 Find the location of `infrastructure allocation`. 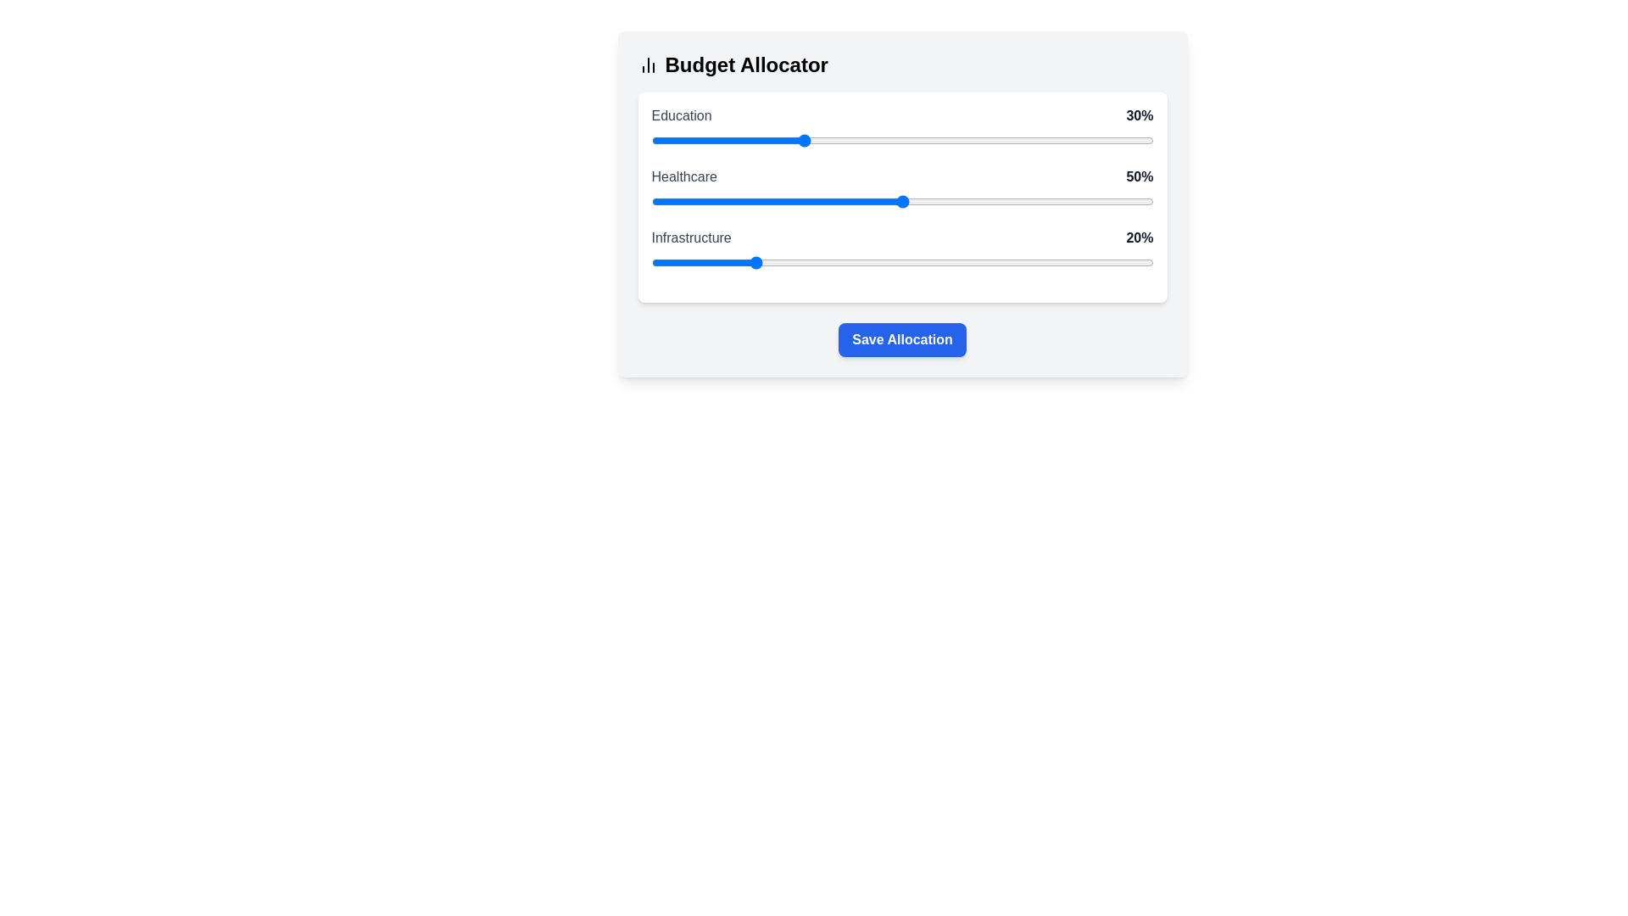

infrastructure allocation is located at coordinates (1133, 262).